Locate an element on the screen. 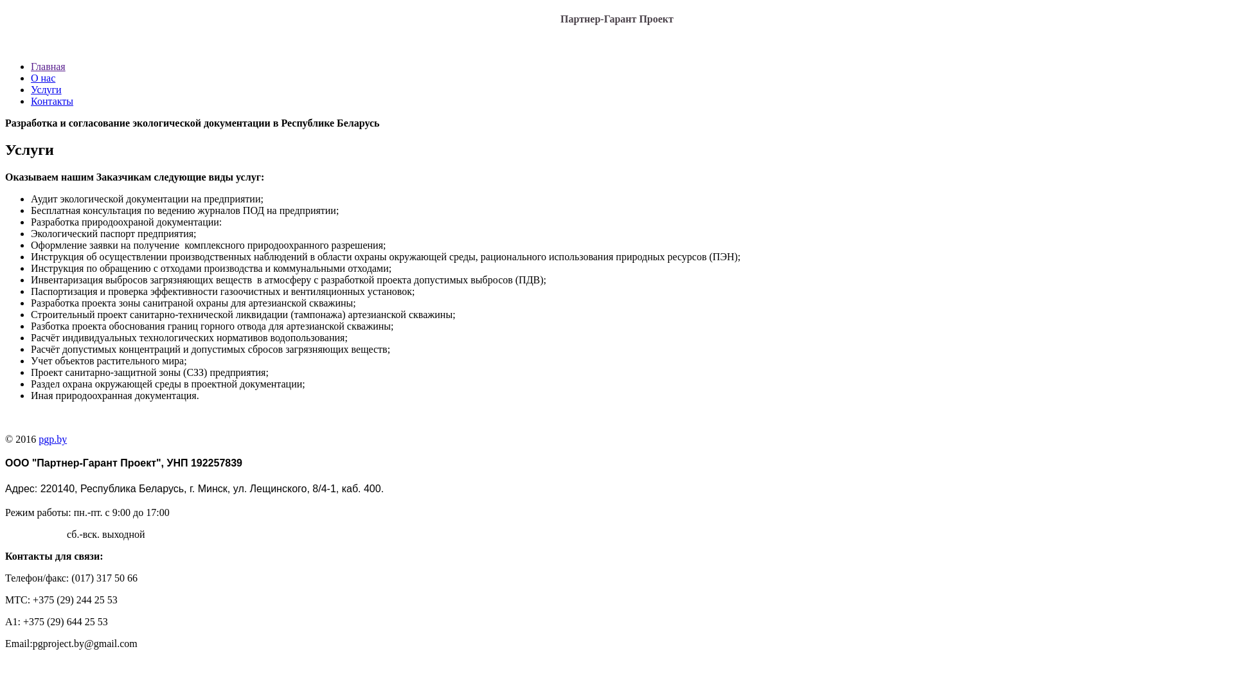 Image resolution: width=1234 pixels, height=694 pixels. 'gp.by' is located at coordinates (43, 438).